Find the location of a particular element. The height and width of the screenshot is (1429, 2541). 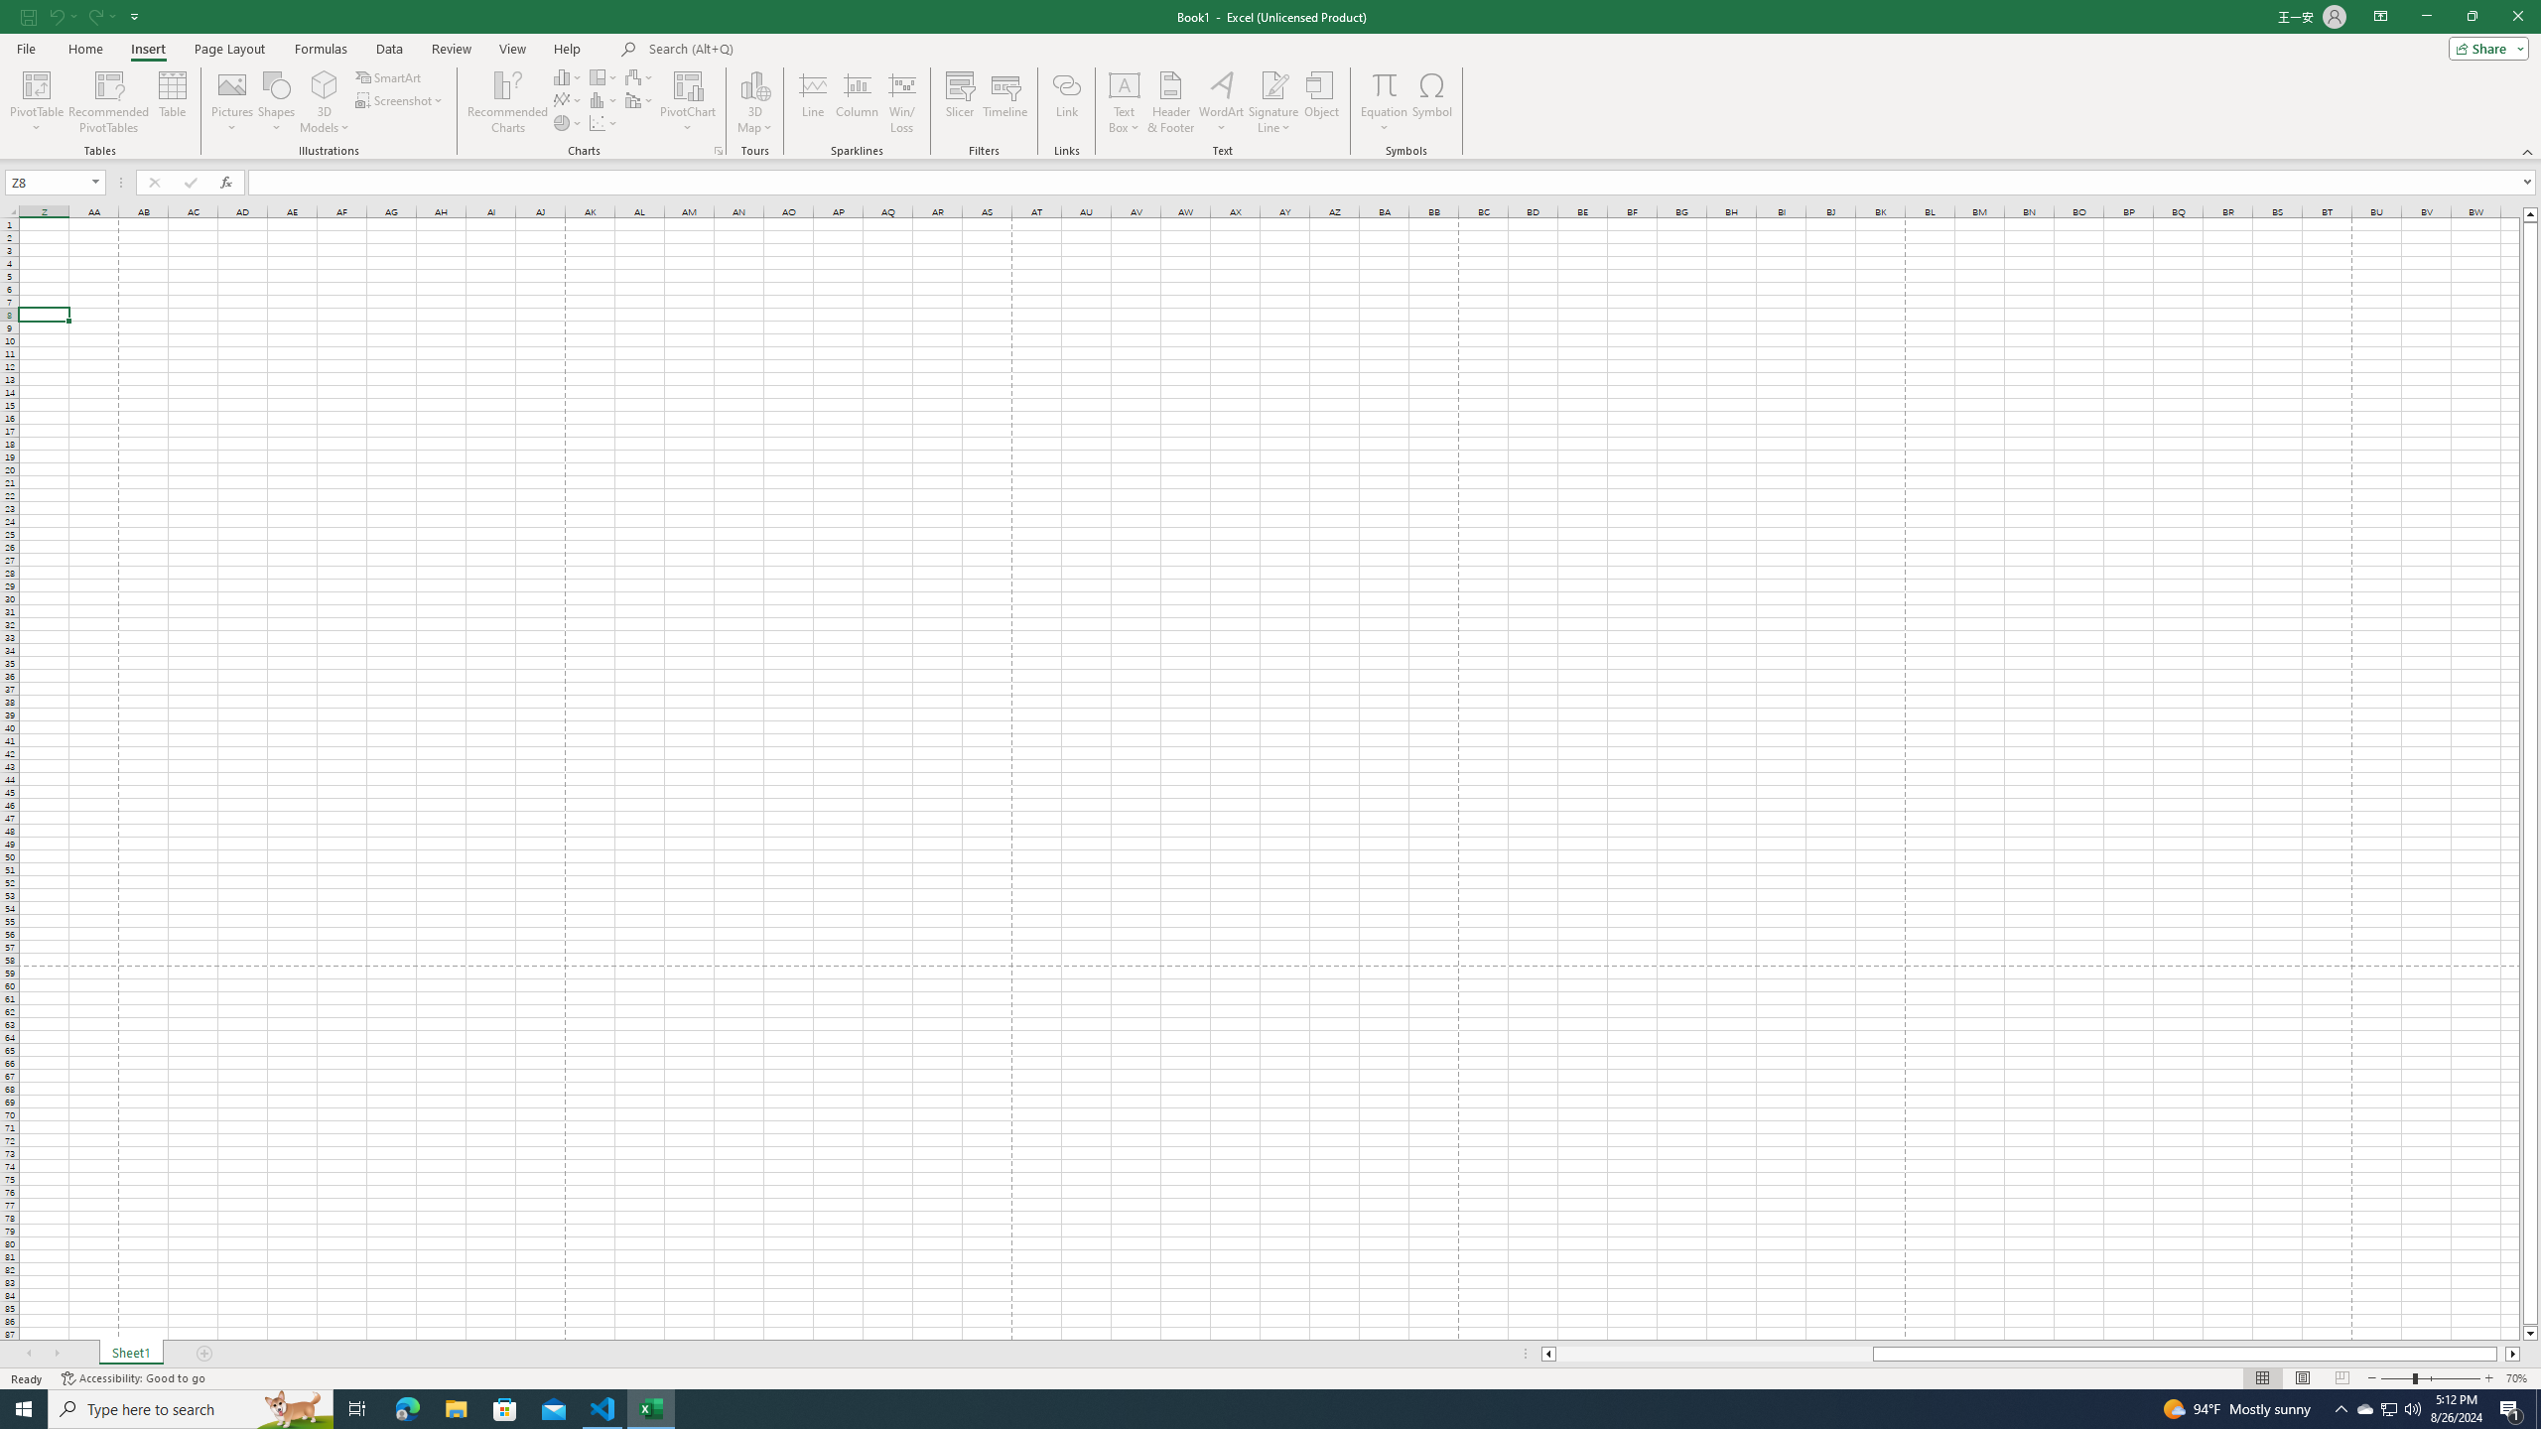

'Equation' is located at coordinates (1384, 102).